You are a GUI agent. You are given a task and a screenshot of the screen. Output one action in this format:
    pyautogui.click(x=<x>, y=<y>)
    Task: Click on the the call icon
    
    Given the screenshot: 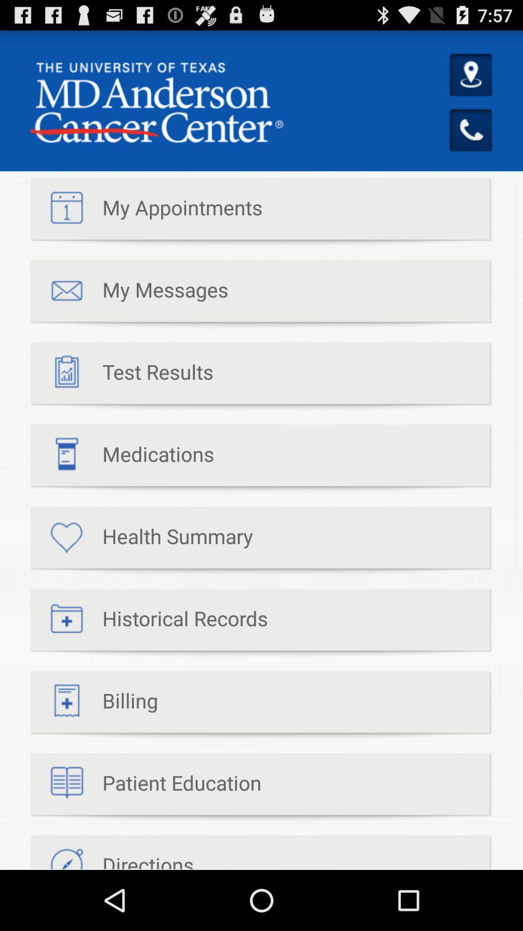 What is the action you would take?
    pyautogui.click(x=471, y=143)
    